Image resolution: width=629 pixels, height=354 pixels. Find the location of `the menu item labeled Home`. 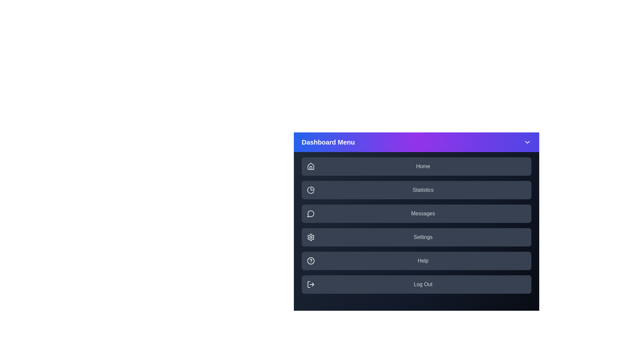

the menu item labeled Home is located at coordinates (416, 166).